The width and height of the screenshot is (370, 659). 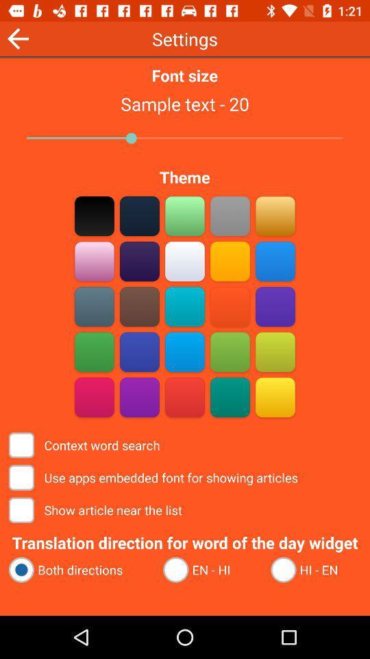 I want to click on green theme, so click(x=230, y=397).